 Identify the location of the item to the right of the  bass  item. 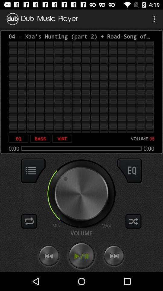
(62, 139).